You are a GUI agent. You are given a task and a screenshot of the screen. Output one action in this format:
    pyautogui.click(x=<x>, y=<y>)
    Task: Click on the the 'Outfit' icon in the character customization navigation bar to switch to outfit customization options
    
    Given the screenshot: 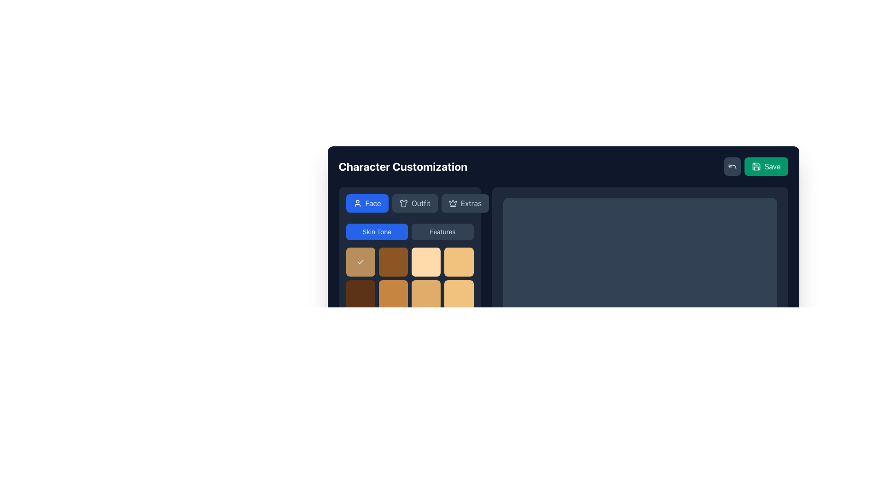 What is the action you would take?
    pyautogui.click(x=403, y=203)
    